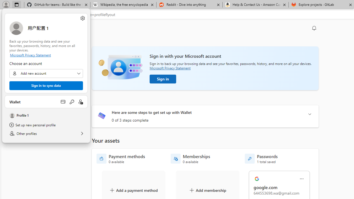 The image size is (354, 199). Describe the element at coordinates (189, 5) in the screenshot. I see `'Reddit - Dive into anything'` at that location.